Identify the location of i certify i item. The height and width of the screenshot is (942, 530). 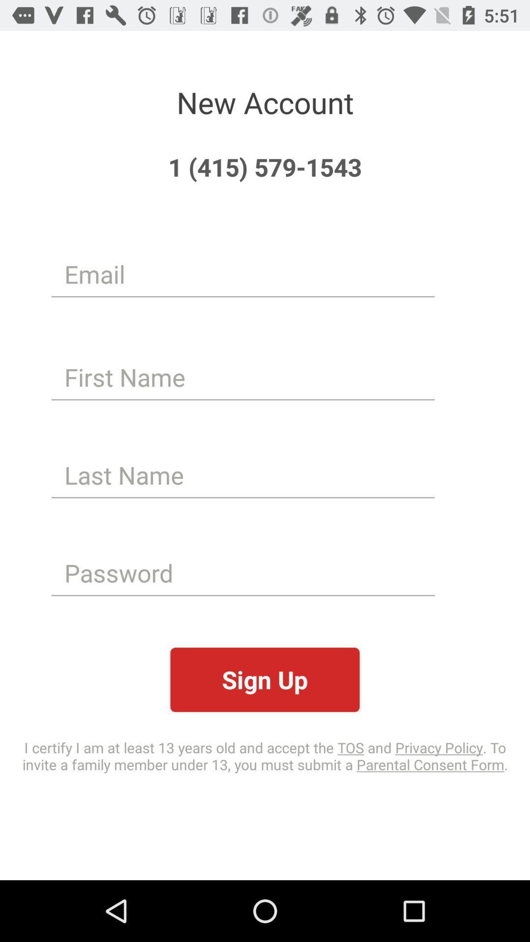
(265, 755).